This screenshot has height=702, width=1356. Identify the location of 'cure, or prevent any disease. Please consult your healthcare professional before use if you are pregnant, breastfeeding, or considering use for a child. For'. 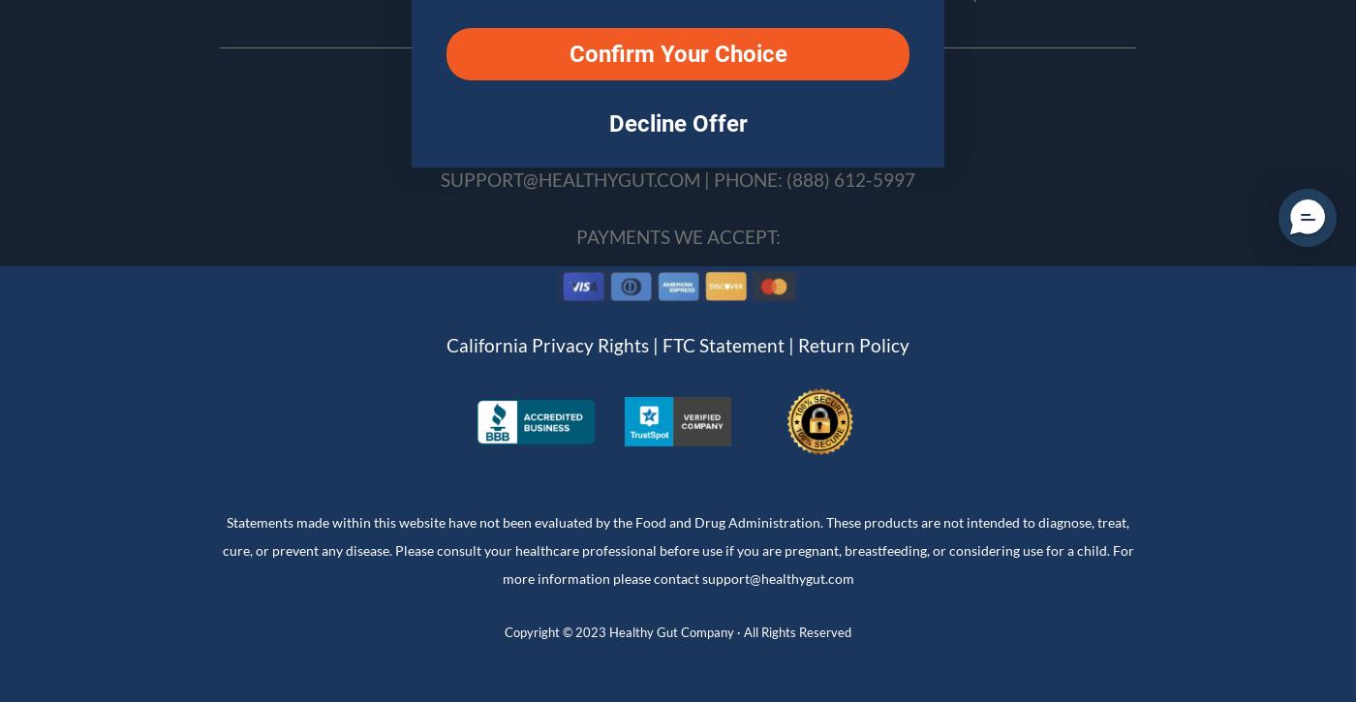
(677, 549).